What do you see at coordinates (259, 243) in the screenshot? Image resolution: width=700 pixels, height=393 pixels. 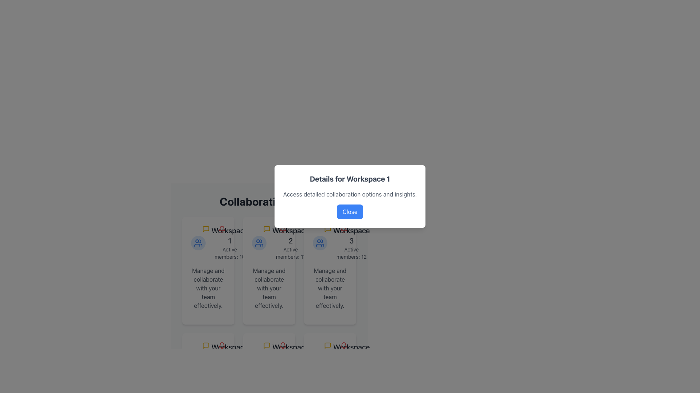 I see `the user icon representing member-related information for 'Workspace 2', located in the middle column of the first row in the grid layout of cards` at bounding box center [259, 243].